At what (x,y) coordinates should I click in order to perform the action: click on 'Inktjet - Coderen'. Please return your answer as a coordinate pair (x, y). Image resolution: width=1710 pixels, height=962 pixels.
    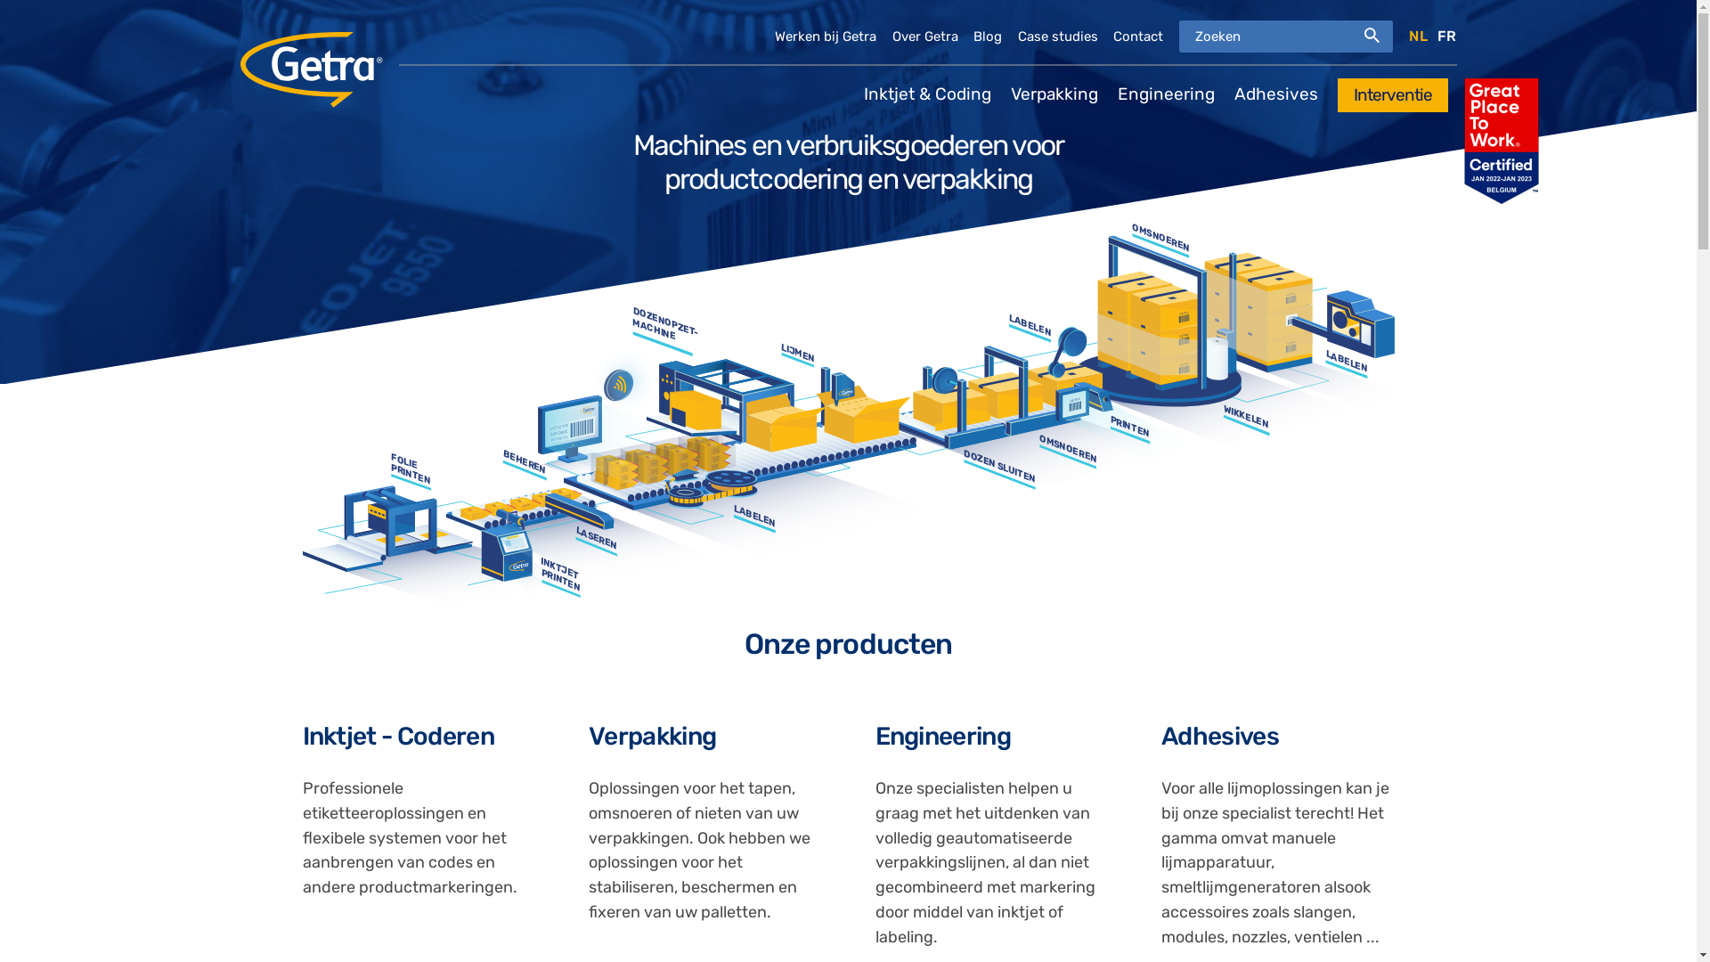
    Looking at the image, I should click on (303, 736).